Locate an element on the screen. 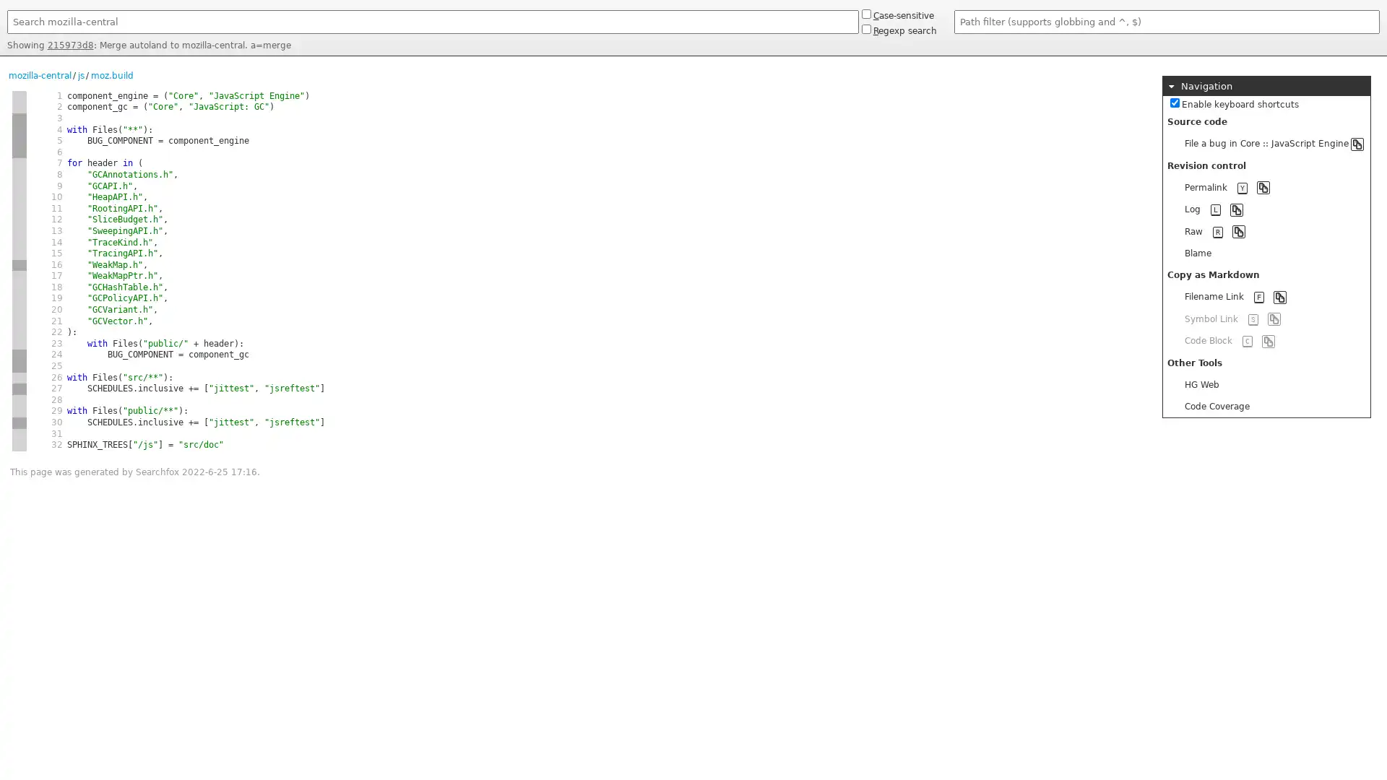 The height and width of the screenshot is (780, 1387). same hash 2 is located at coordinates (20, 365).